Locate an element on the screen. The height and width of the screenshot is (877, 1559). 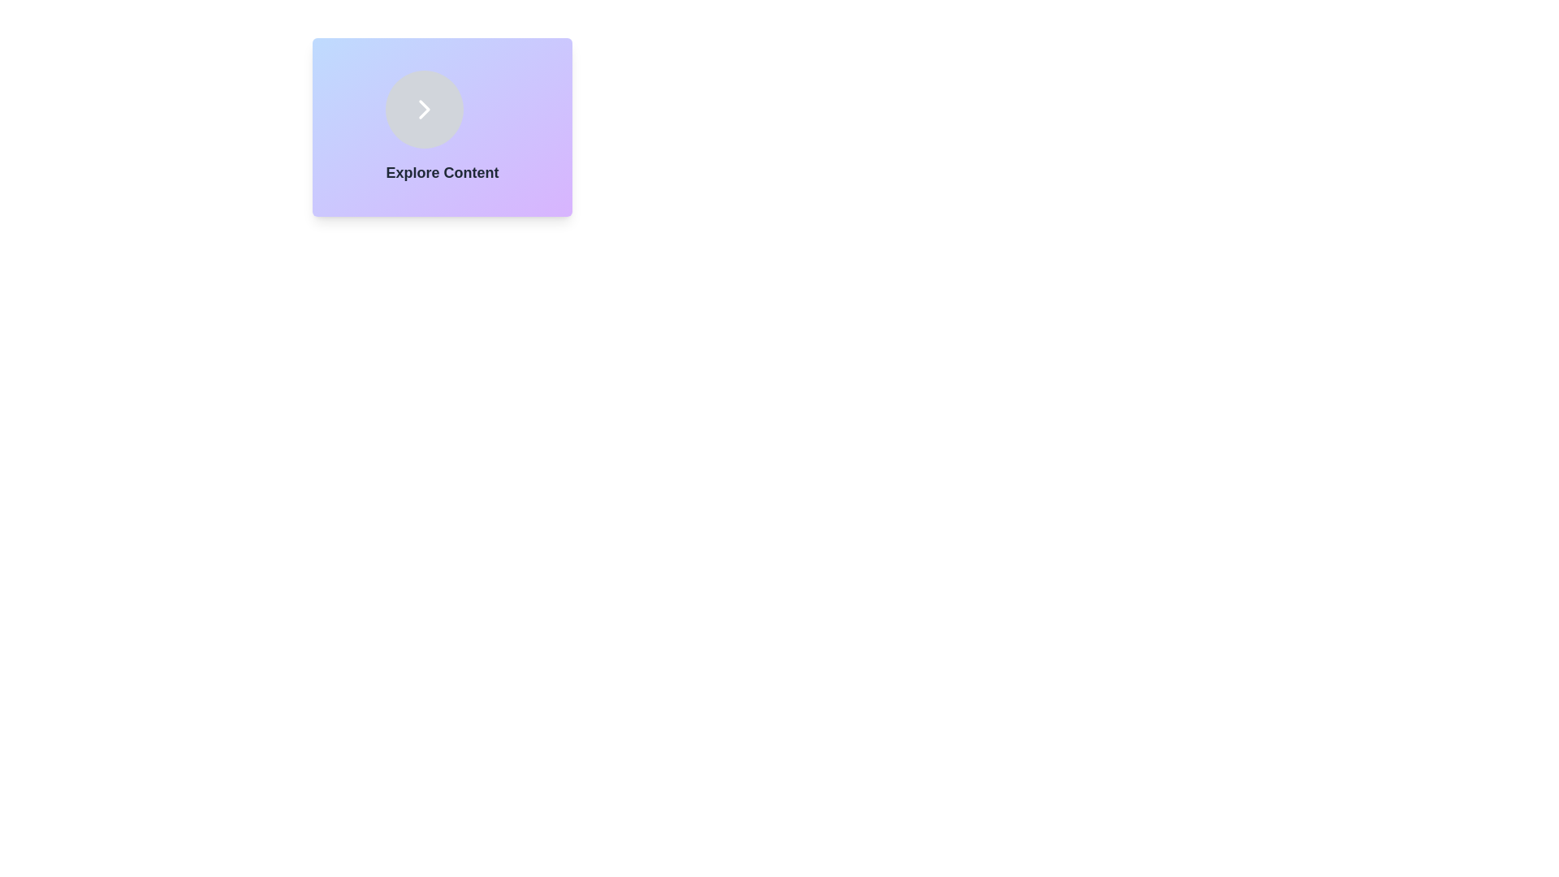
the navigation icon located at the center-top of the gradient-backed card is located at coordinates (425, 110).